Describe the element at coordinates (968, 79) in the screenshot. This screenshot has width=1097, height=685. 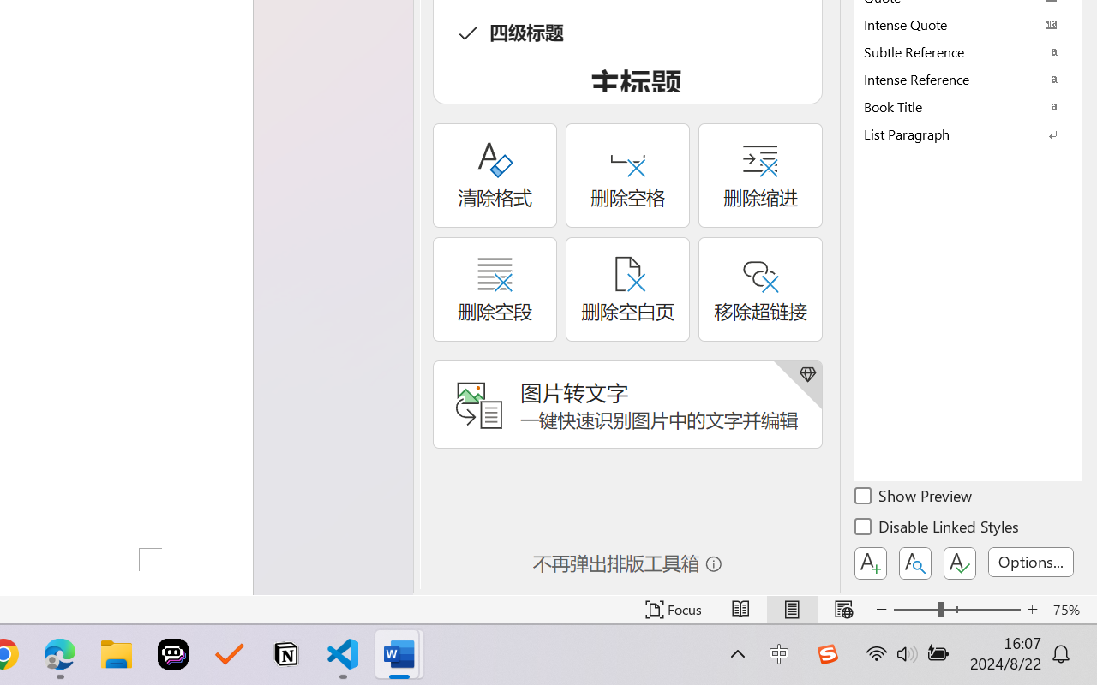
I see `'Intense Reference'` at that location.